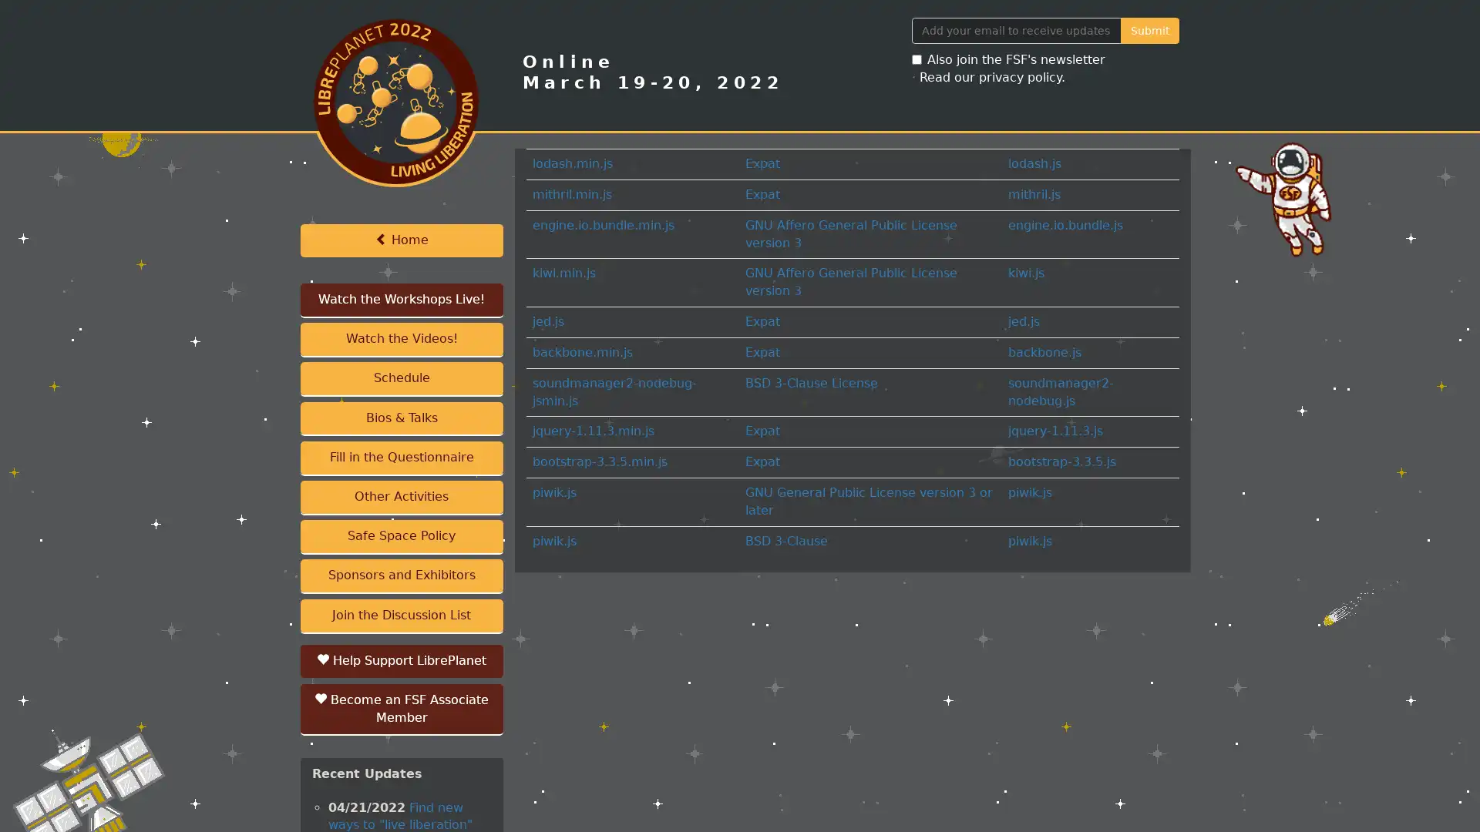 The image size is (1480, 832). I want to click on Submit, so click(1149, 29).